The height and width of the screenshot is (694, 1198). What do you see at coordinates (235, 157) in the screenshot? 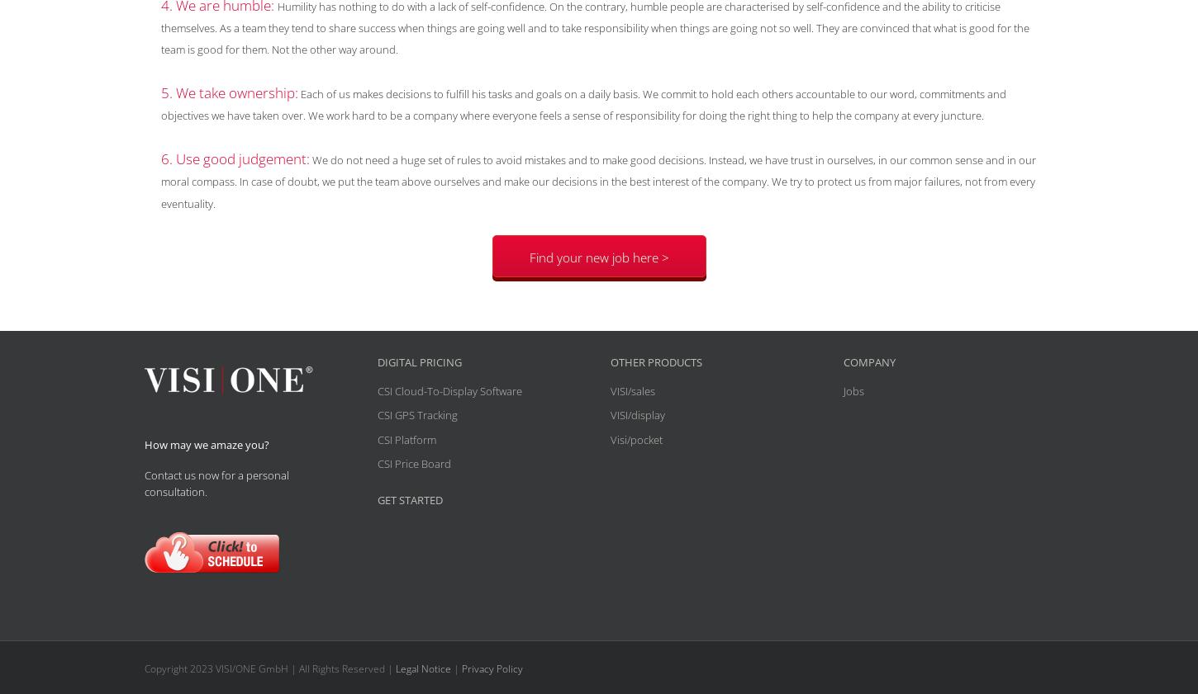
I see `'6. Use good judgement:'` at bounding box center [235, 157].